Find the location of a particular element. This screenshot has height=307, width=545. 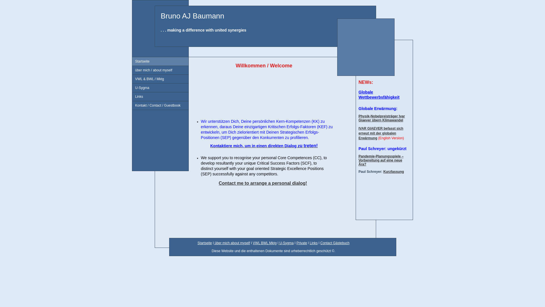

'Kontaktiere mich, um in einen direkten Dialog zu treten!' is located at coordinates (210, 146).